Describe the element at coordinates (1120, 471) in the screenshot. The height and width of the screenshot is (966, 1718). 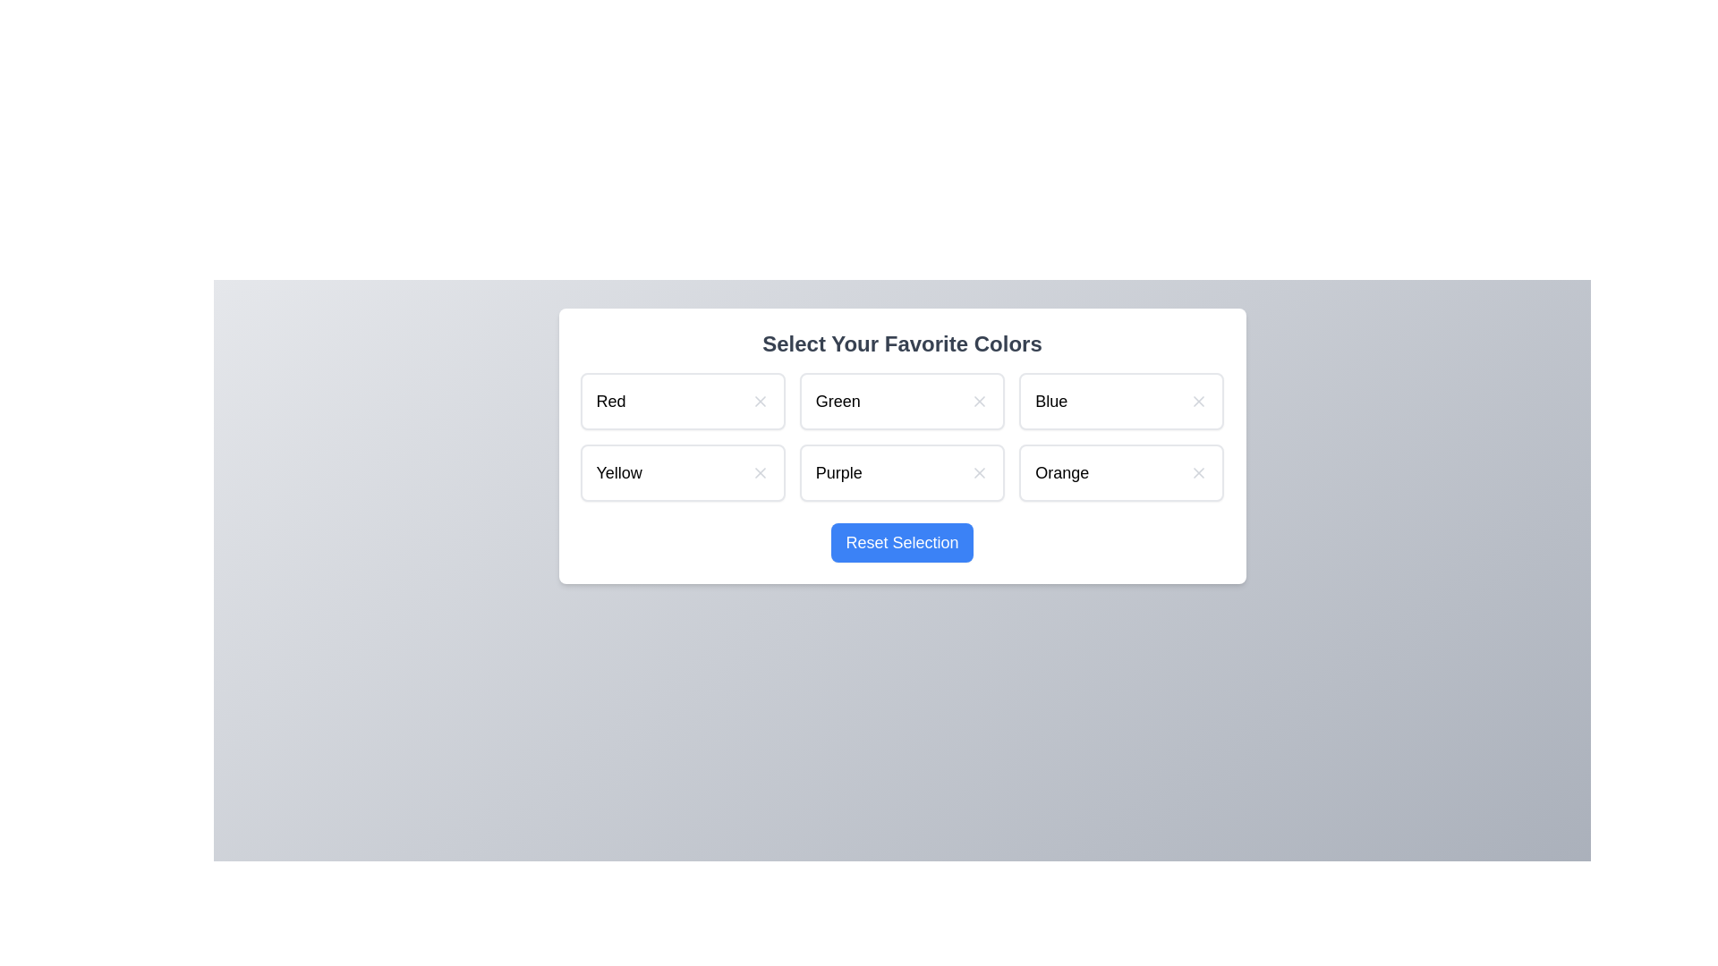
I see `the color Orange` at that location.